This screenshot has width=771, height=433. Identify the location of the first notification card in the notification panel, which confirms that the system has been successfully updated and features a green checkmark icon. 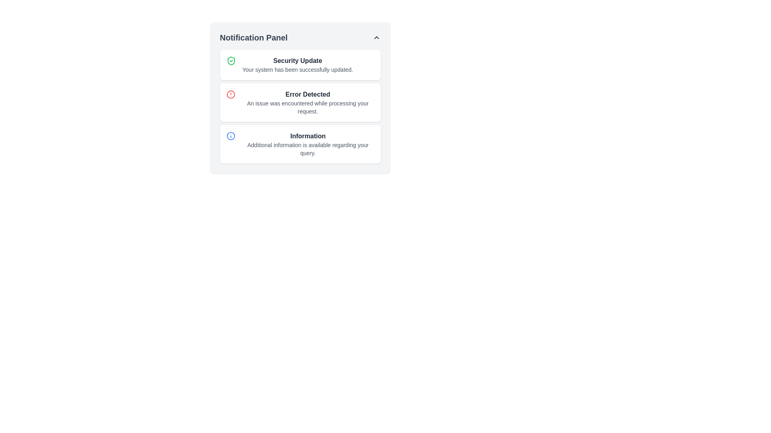
(300, 65).